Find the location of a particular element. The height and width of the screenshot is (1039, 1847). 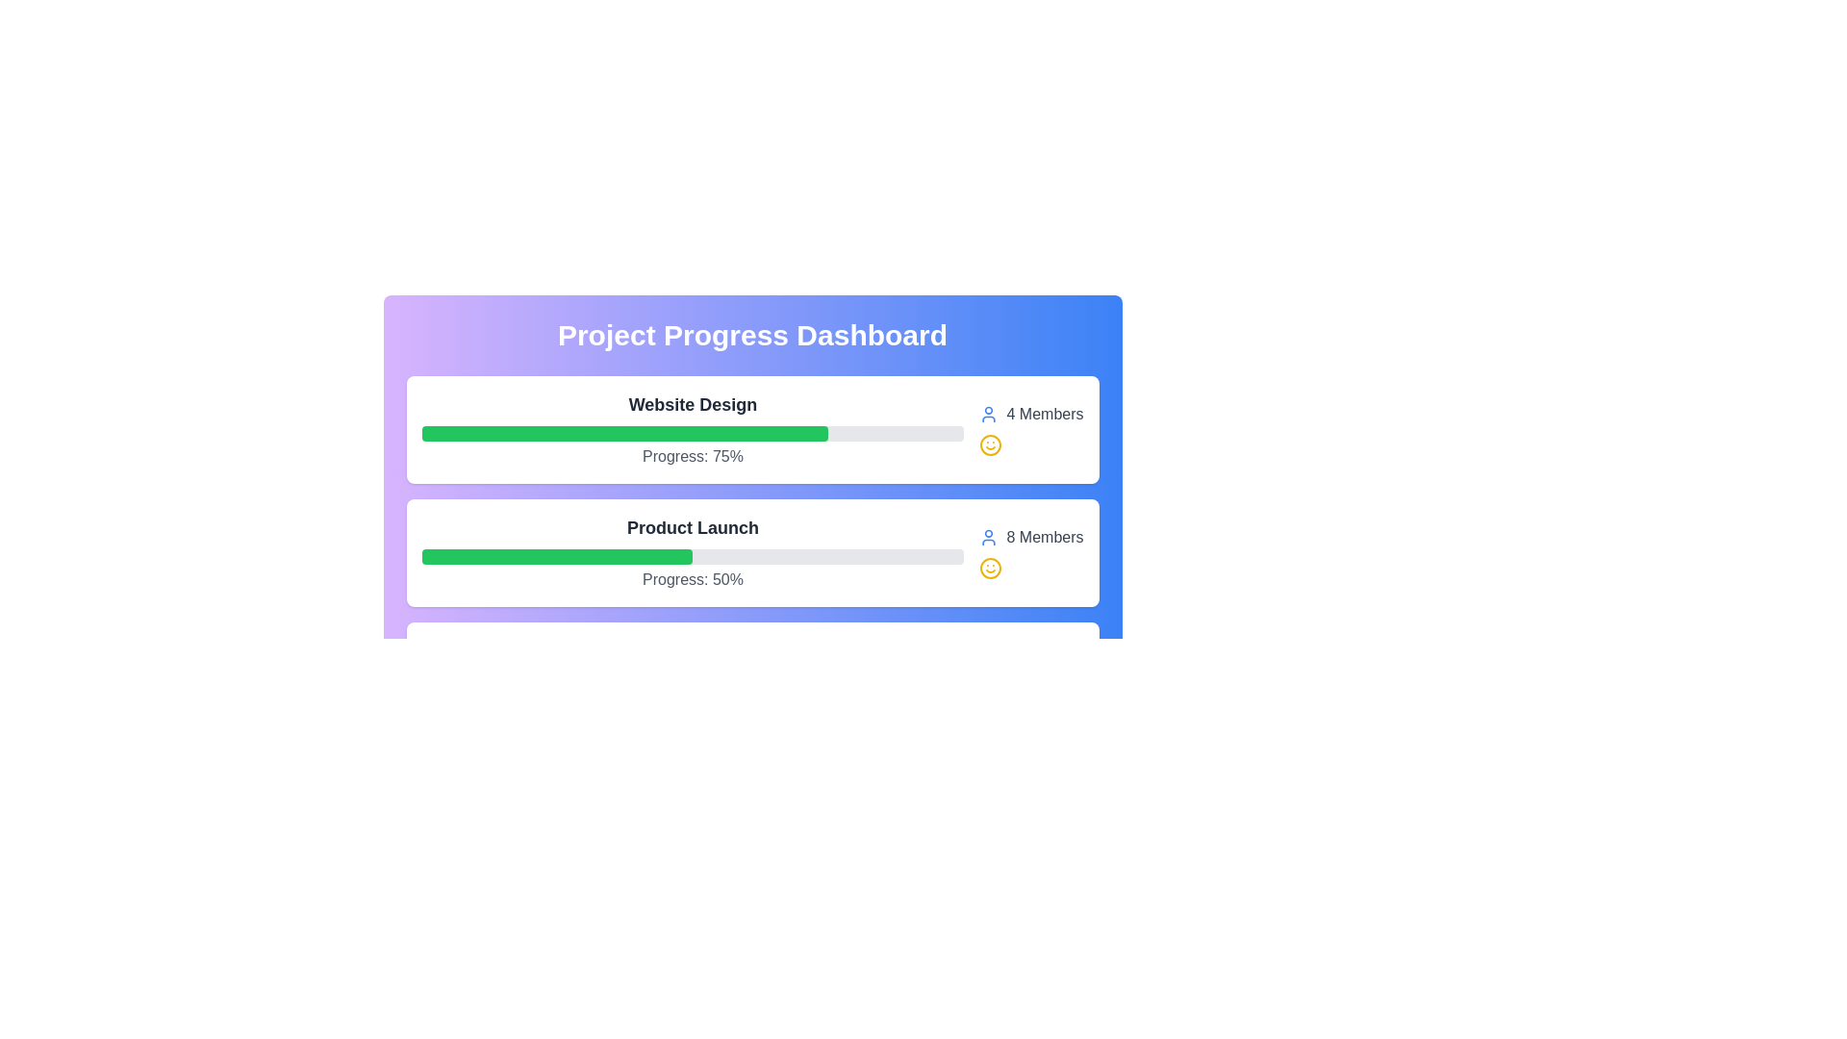

label associated with the green progress bar labeled 'Product Launch', which is filled to 50% of its width and located below the 'Website Design' section is located at coordinates (556, 556).